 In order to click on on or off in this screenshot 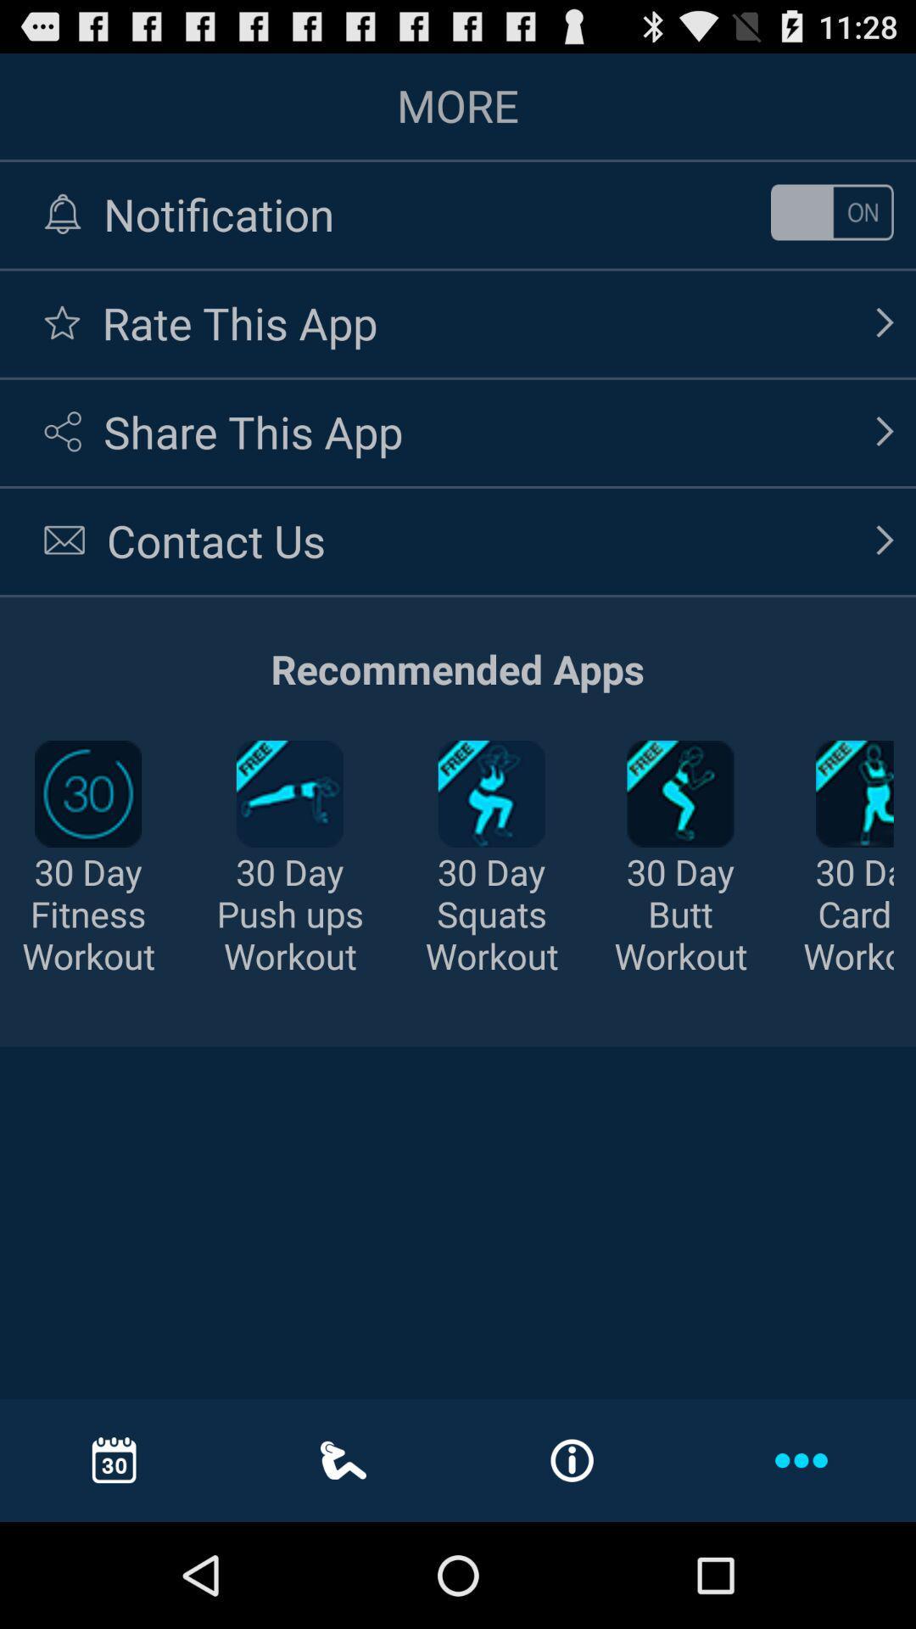, I will do `click(831, 211)`.